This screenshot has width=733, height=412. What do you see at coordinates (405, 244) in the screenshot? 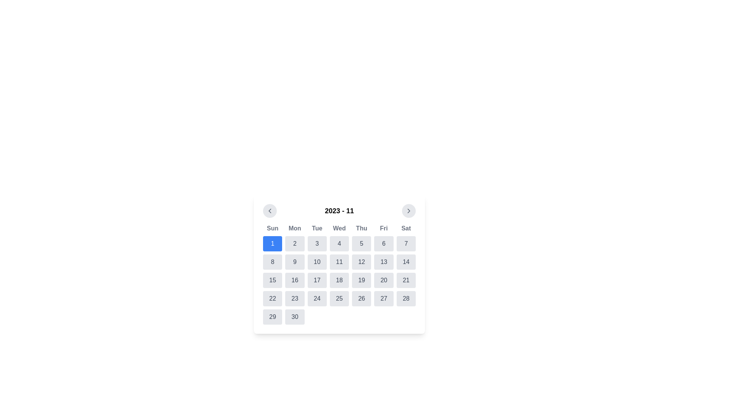
I see `the selectable day button for the 7th day of the currently displayed month in the date picker interface` at bounding box center [405, 244].